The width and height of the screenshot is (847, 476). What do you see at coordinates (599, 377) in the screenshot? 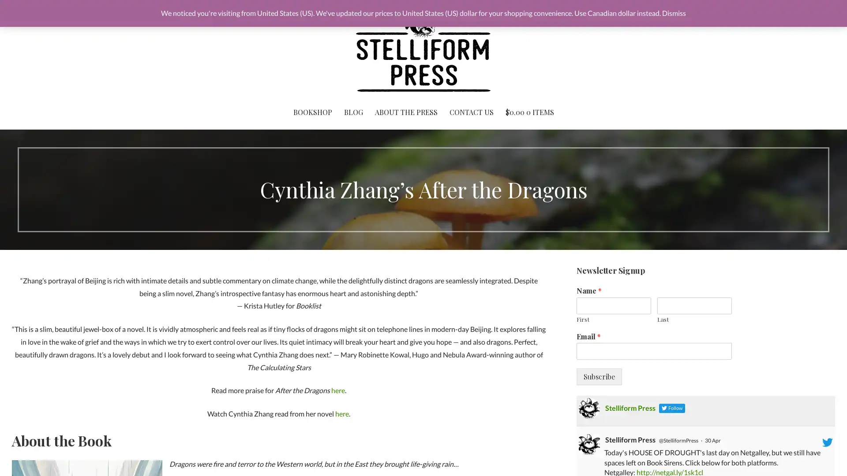
I see `Subscribe` at bounding box center [599, 377].